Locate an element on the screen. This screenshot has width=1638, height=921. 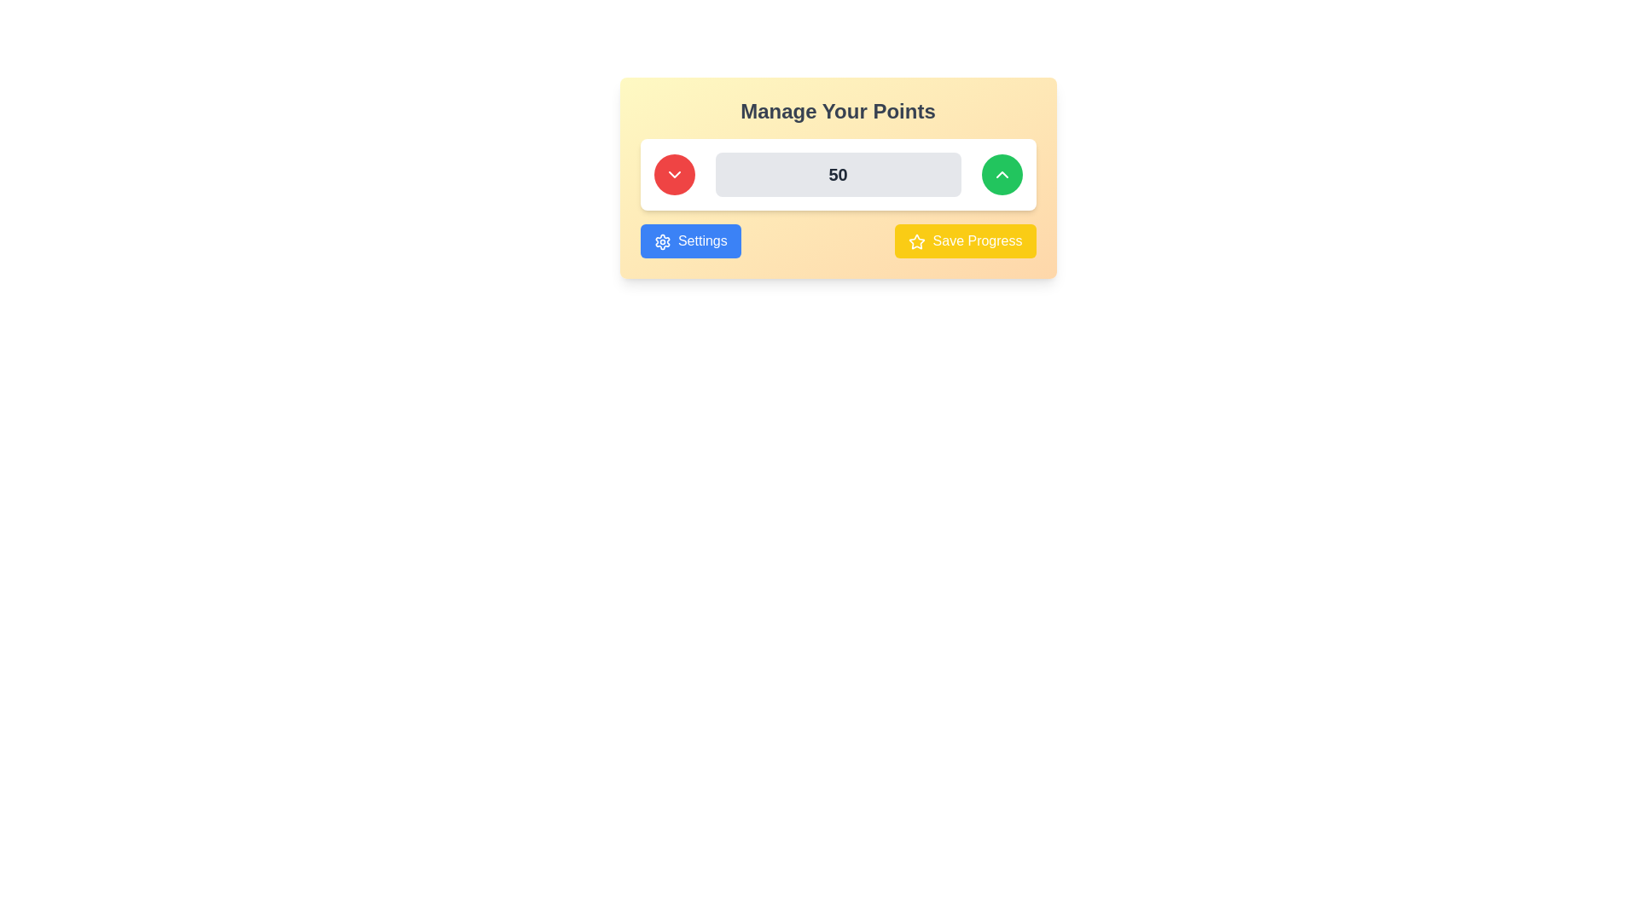
the star icon, which serves as a visual marker for rating or selection, located in the central region of the interface is located at coordinates (916, 241).